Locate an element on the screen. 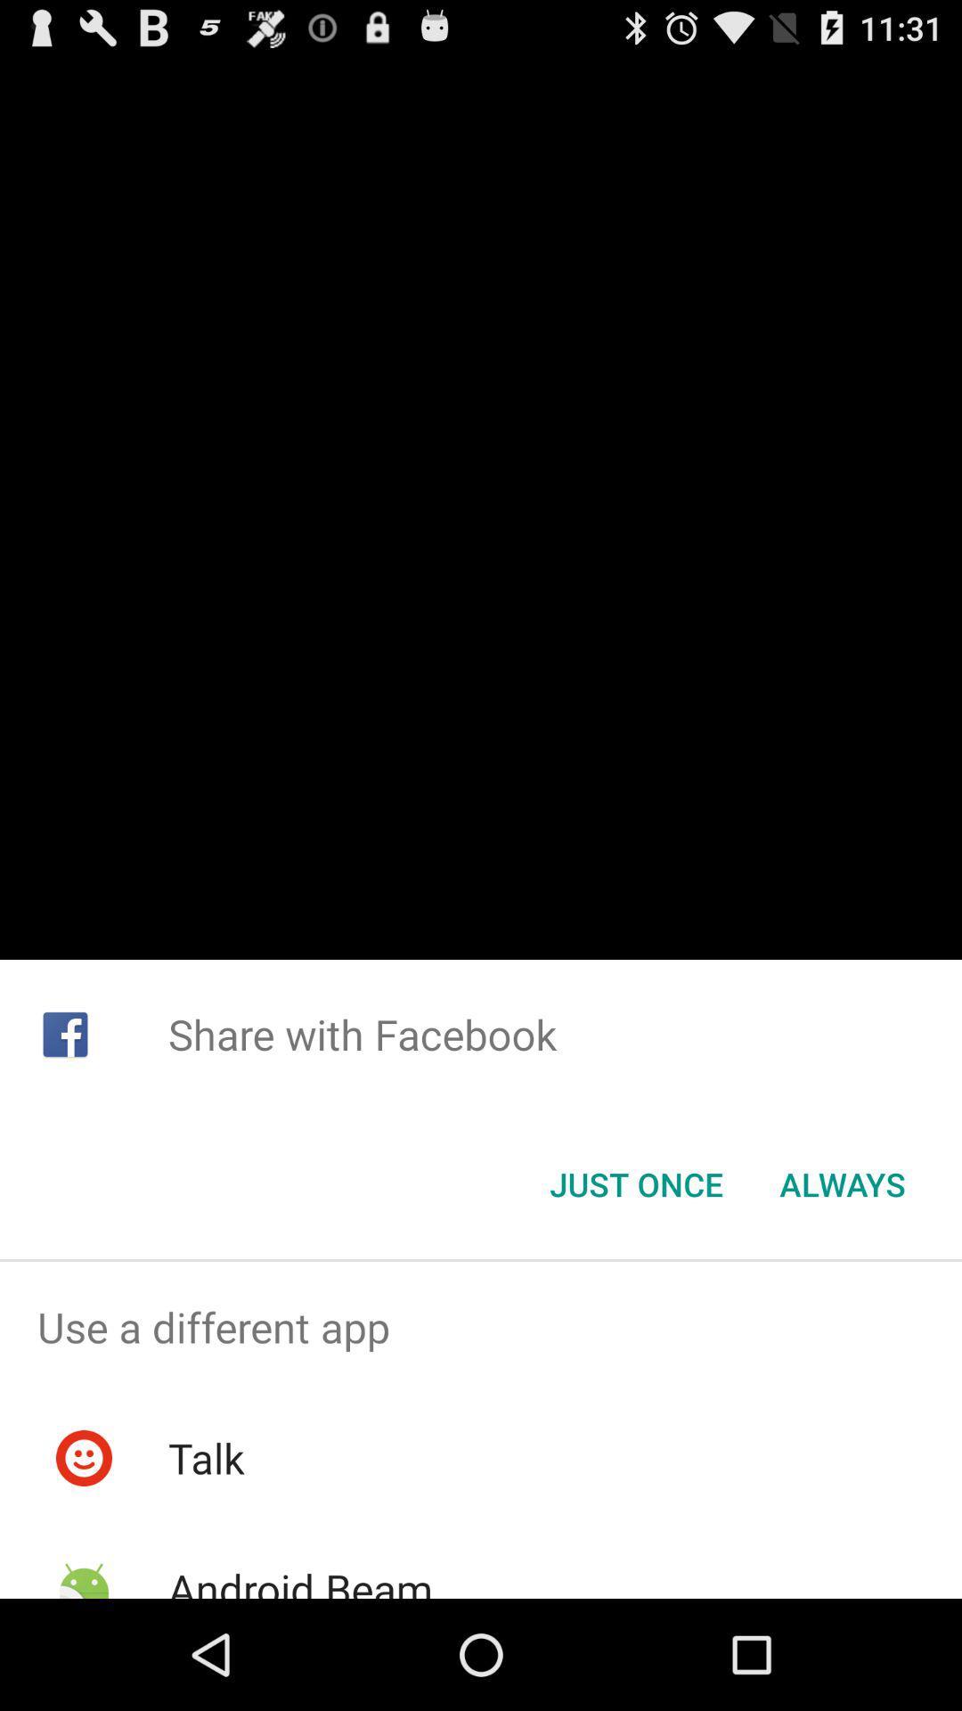  button next to just once item is located at coordinates (842, 1184).